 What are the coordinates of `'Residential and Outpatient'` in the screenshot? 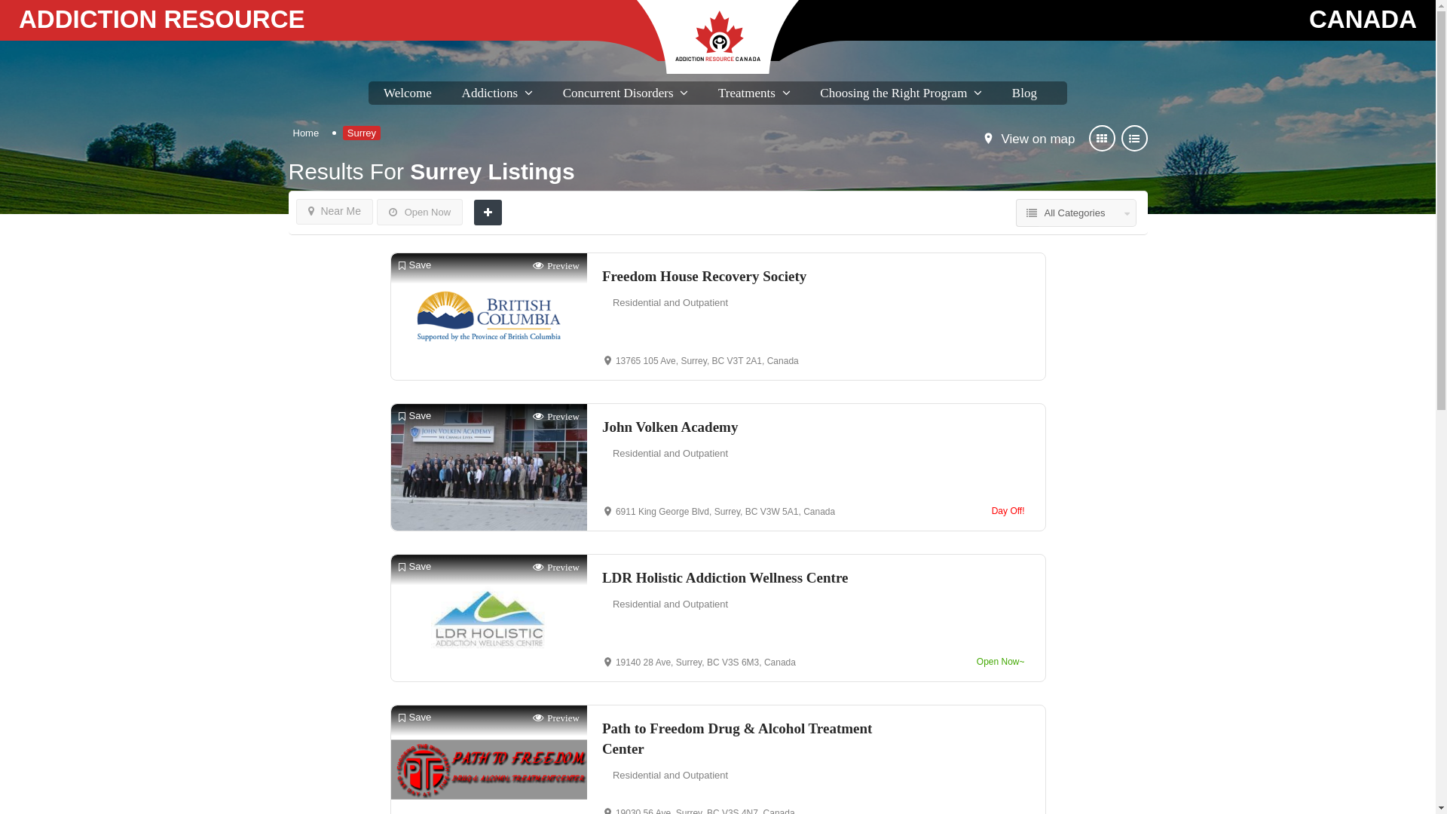 It's located at (669, 302).